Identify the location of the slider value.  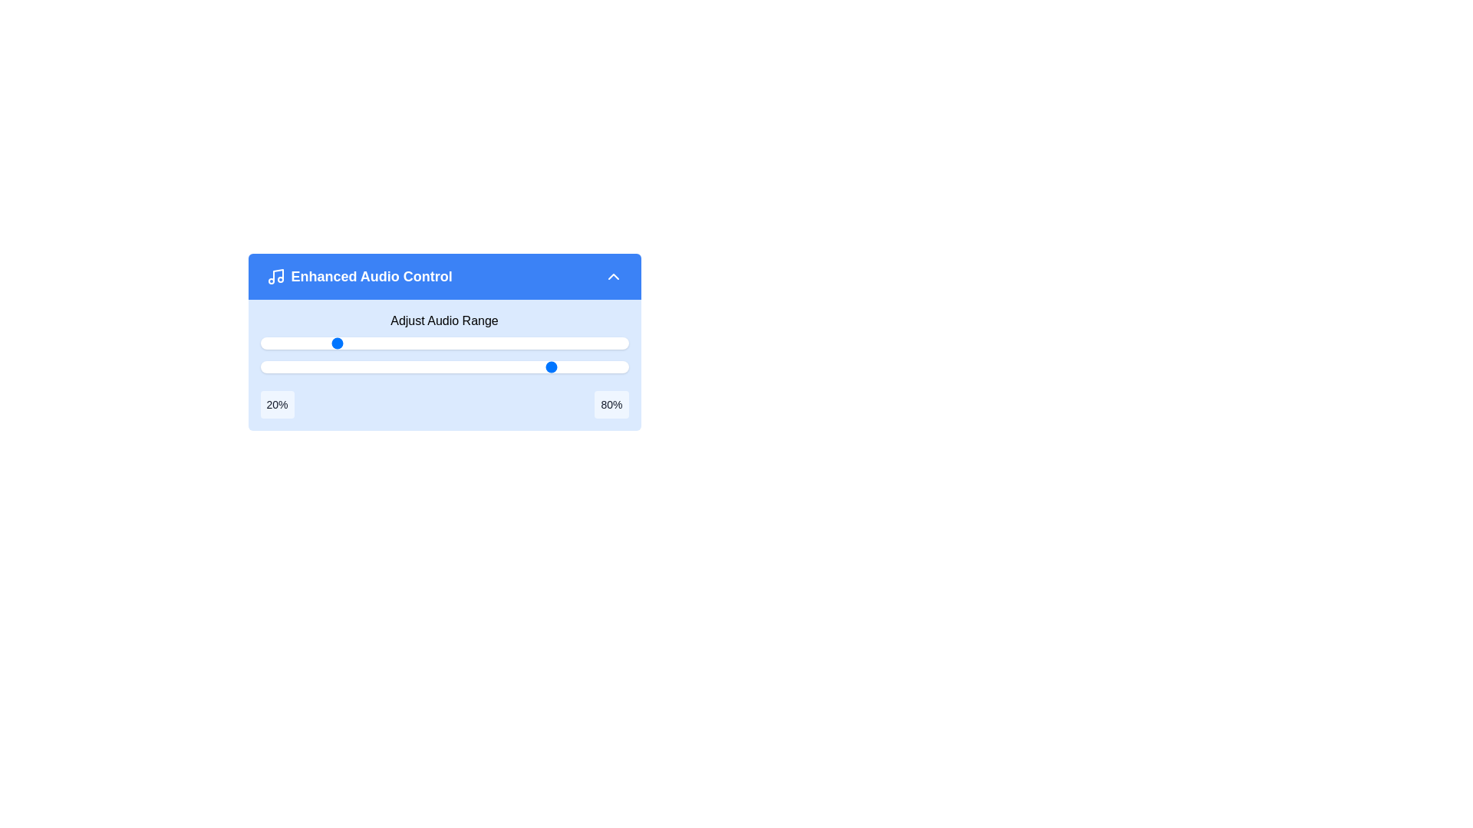
(601, 342).